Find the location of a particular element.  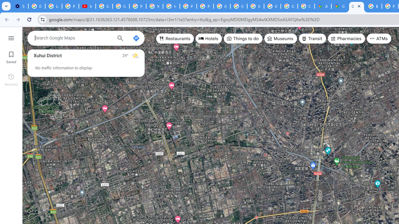

'Saved' is located at coordinates (11, 57).